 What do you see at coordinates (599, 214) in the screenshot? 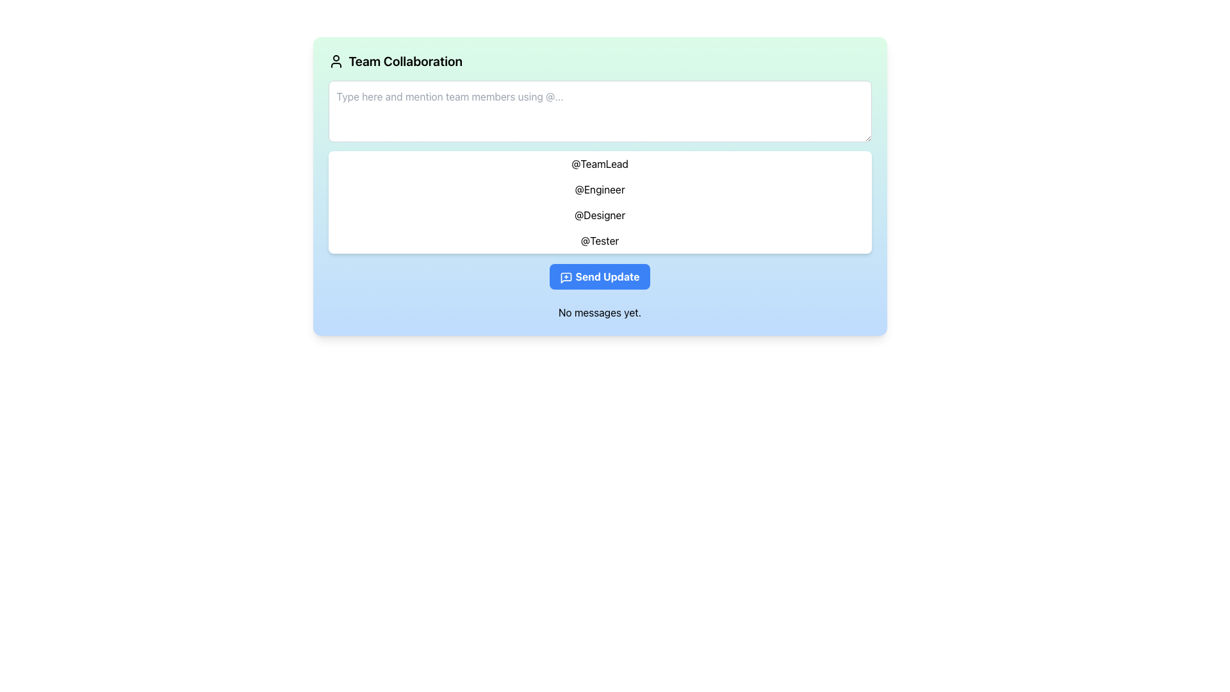
I see `the Clickable Label that displays '@Designer' to observe the background color change when interacted with` at bounding box center [599, 214].